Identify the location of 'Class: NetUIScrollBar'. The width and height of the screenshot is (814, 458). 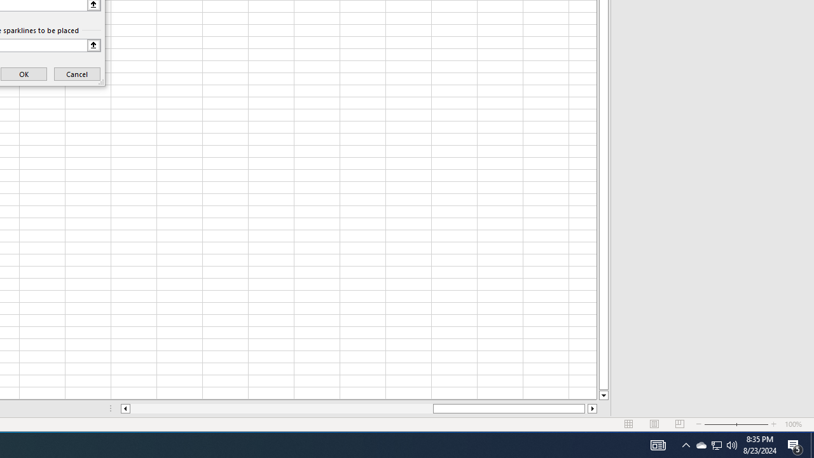
(358, 408).